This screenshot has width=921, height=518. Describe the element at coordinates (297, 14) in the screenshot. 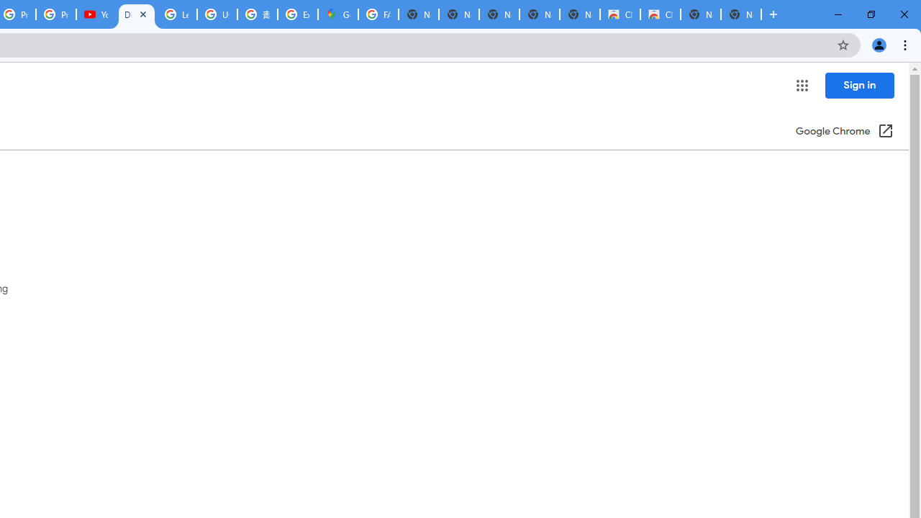

I see `'Explore new street-level details - Google Maps Help'` at that location.